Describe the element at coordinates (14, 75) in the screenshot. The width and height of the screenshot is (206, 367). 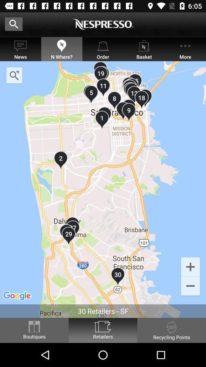
I see `the search icon` at that location.